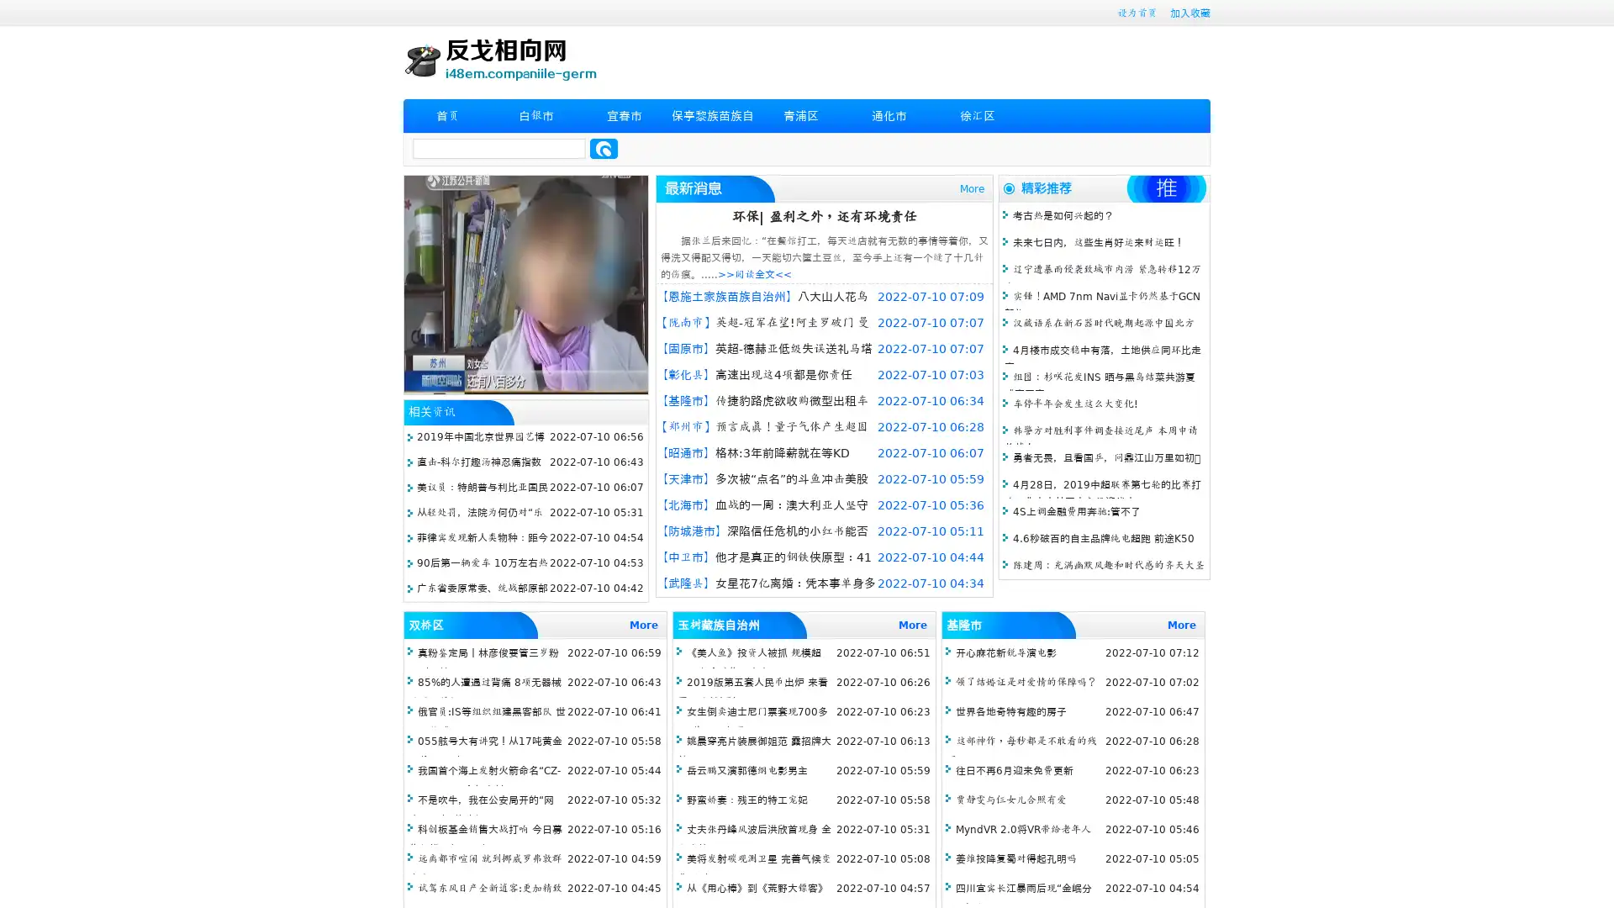 This screenshot has width=1614, height=908. I want to click on Search, so click(604, 148).